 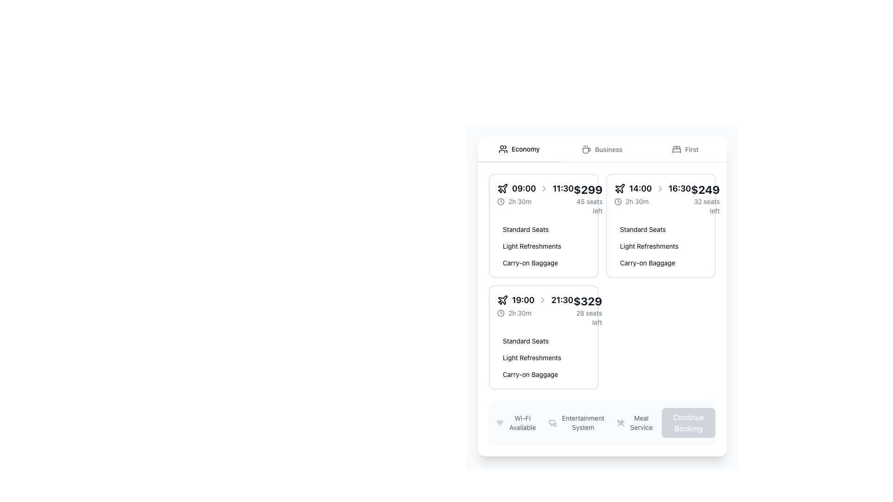 What do you see at coordinates (526, 148) in the screenshot?
I see `the 'Economy' text label in the navigation bar` at bounding box center [526, 148].